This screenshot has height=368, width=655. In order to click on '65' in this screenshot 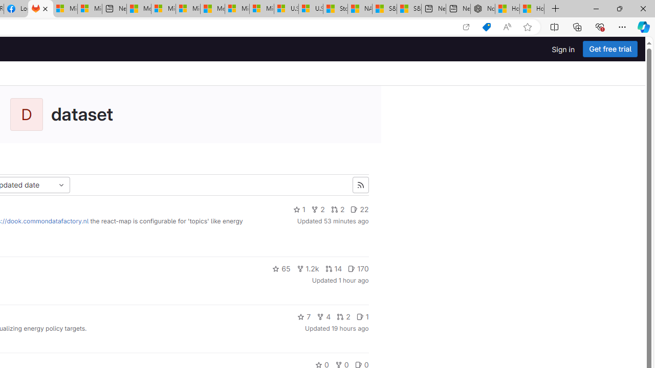, I will do `click(281, 268)`.